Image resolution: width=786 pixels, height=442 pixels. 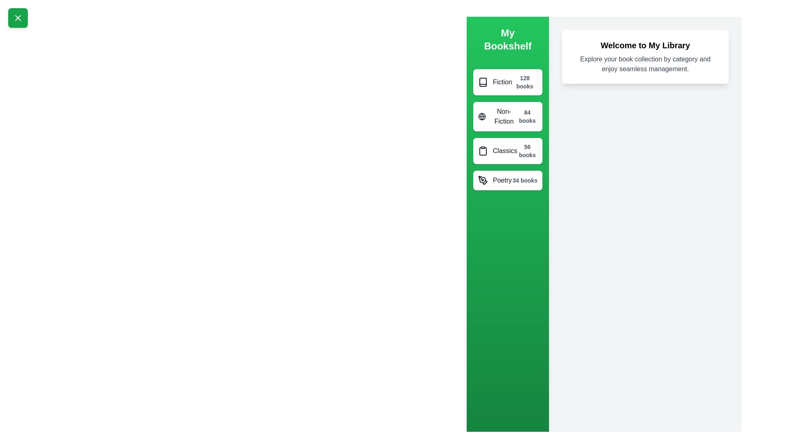 I want to click on the card corresponding to the Poetry category, so click(x=507, y=180).